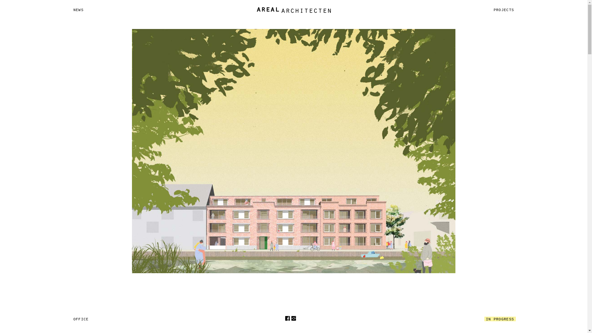 The image size is (592, 333). What do you see at coordinates (500, 319) in the screenshot?
I see `'IN PROGRESS'` at bounding box center [500, 319].